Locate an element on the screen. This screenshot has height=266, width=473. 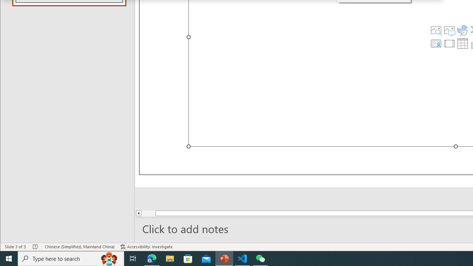
'Pictures' is located at coordinates (449, 30).